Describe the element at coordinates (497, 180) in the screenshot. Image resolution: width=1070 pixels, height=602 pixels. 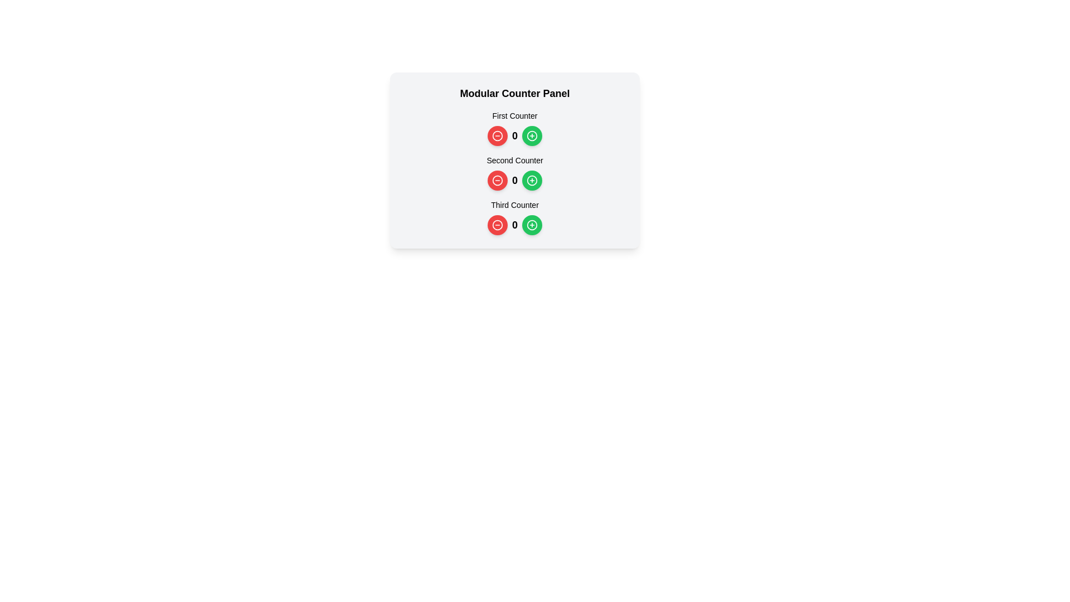
I see `the circular decrement button with a white border on a red background, located to the left of the numerical counter in the second row of the modular counter panel` at that location.